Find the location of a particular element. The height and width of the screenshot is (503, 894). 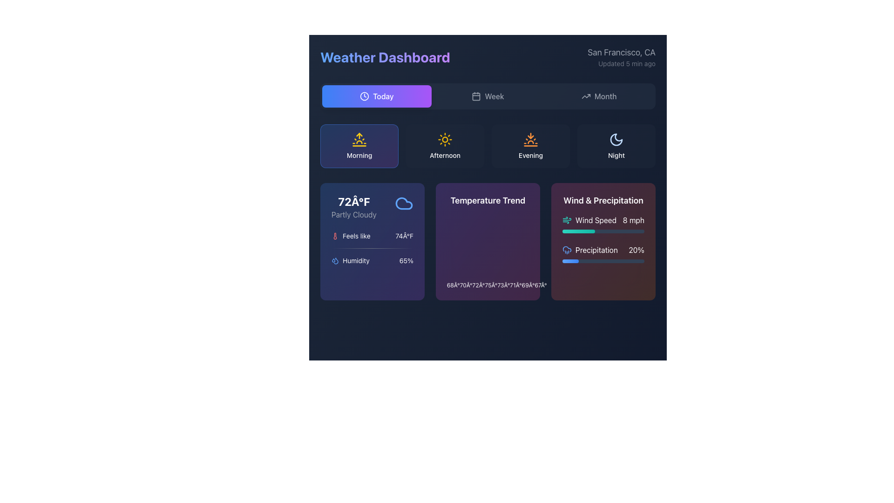

the Text label displaying '65%' in bold and large font located in the bottom-left section of the interface, specifically within the weather details panel, to the right of the text 'Humidity' is located at coordinates (406, 260).